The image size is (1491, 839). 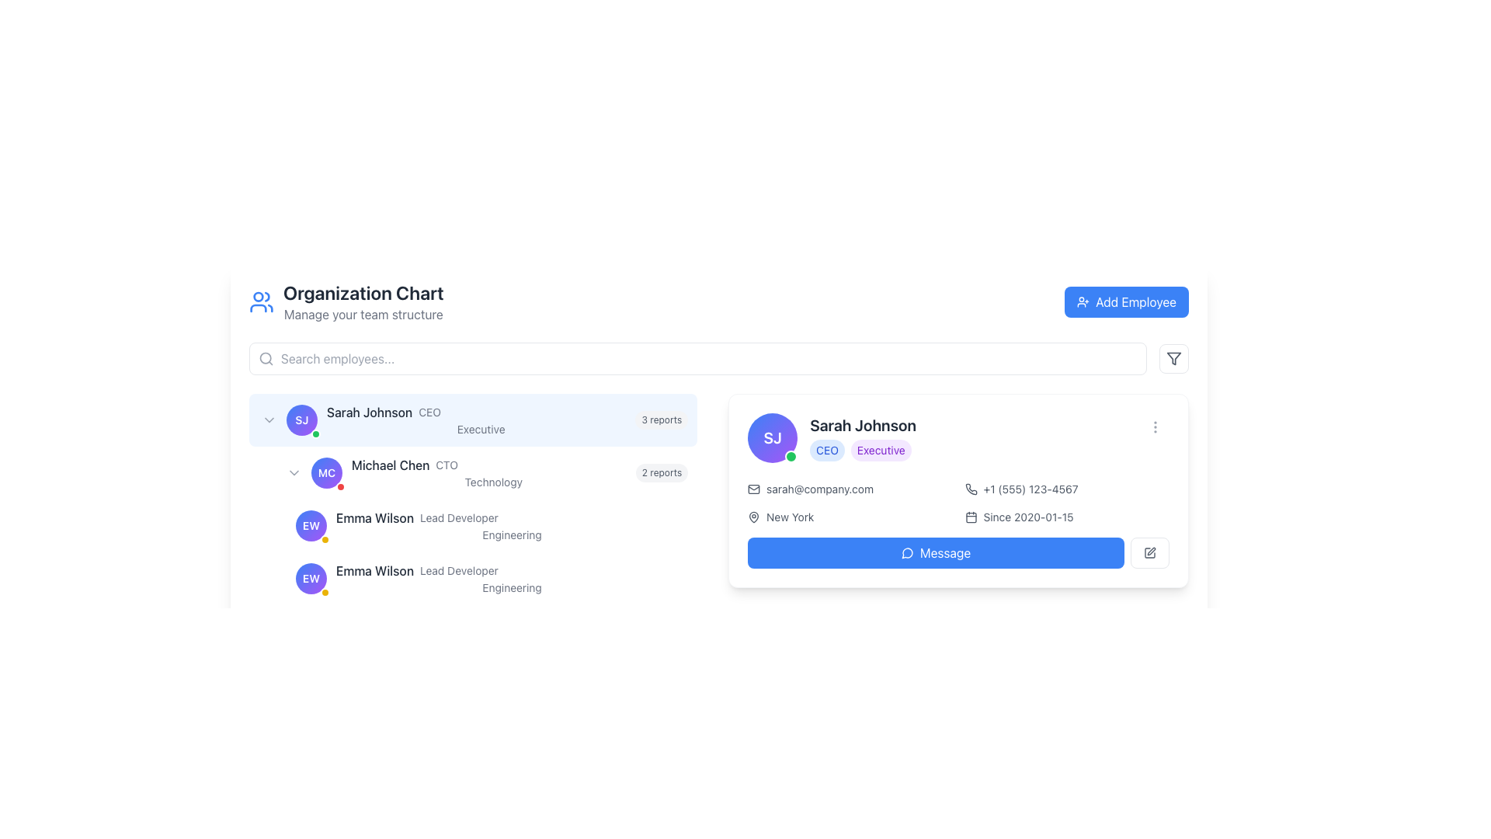 What do you see at coordinates (261, 302) in the screenshot?
I see `the user management icon located at the upper-left corner of the application interface, adjacent to the 'Organization Chart' text` at bounding box center [261, 302].